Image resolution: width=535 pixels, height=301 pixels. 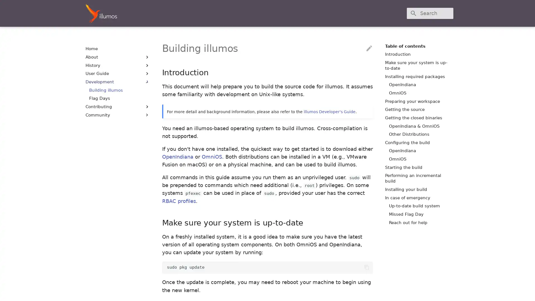 What do you see at coordinates (366, 267) in the screenshot?
I see `Copy to clipboard` at bounding box center [366, 267].